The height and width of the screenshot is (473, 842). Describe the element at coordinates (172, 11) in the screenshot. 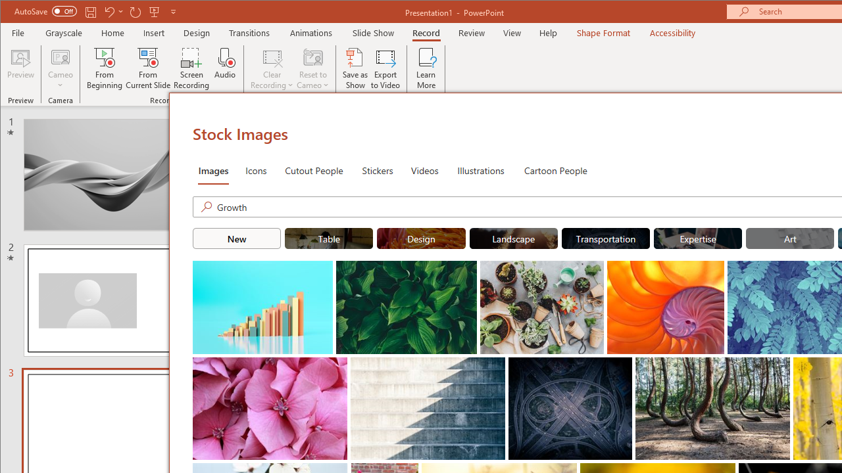

I see `'Customize Quick Access Toolbar'` at that location.